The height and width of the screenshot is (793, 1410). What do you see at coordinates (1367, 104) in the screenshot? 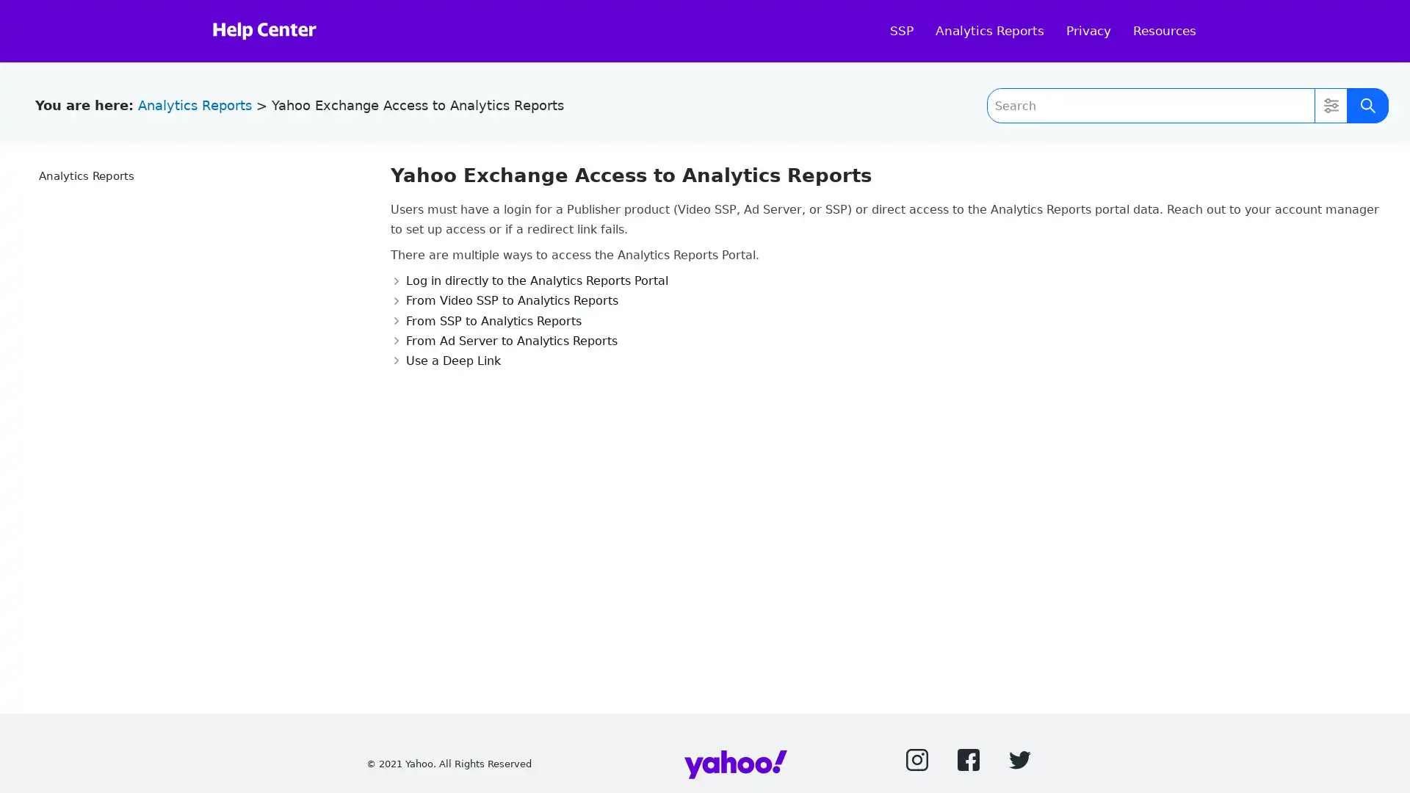
I see `Submit Search` at bounding box center [1367, 104].